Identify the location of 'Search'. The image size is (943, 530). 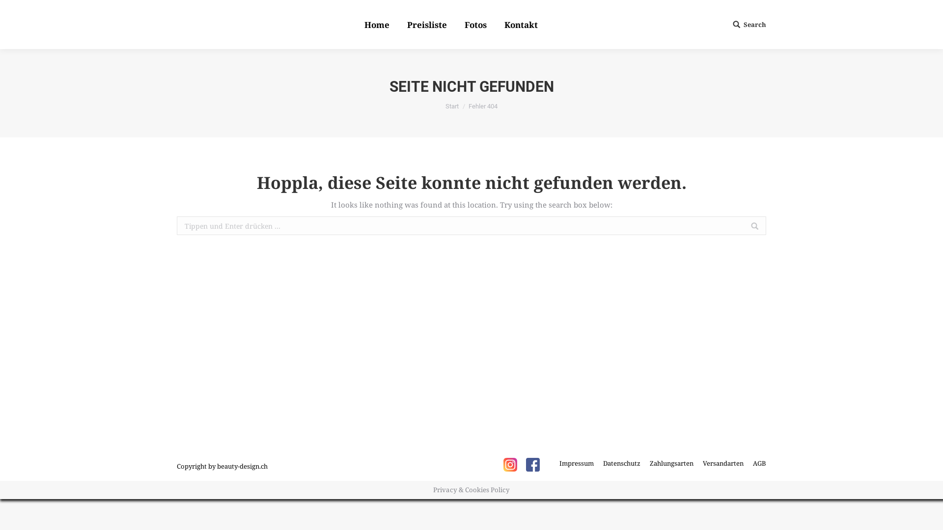
(749, 24).